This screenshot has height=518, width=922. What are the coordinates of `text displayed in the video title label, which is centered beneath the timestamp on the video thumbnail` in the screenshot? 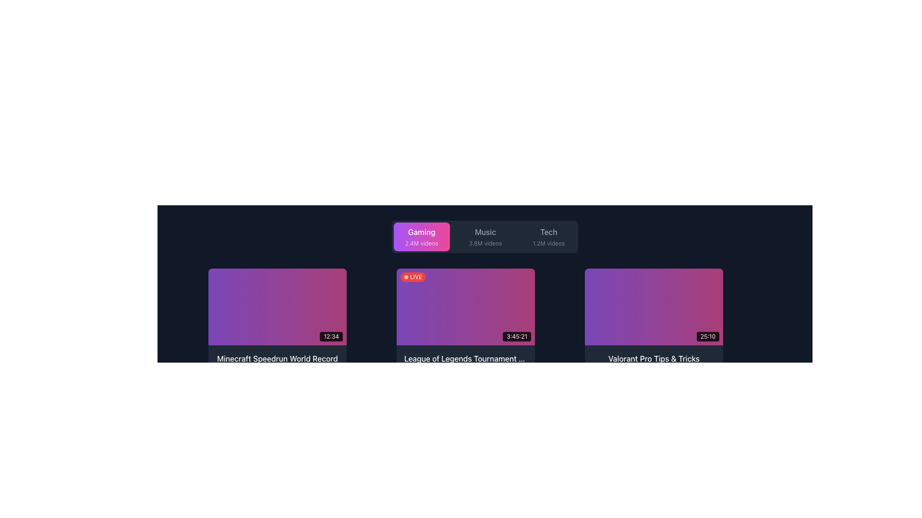 It's located at (277, 365).